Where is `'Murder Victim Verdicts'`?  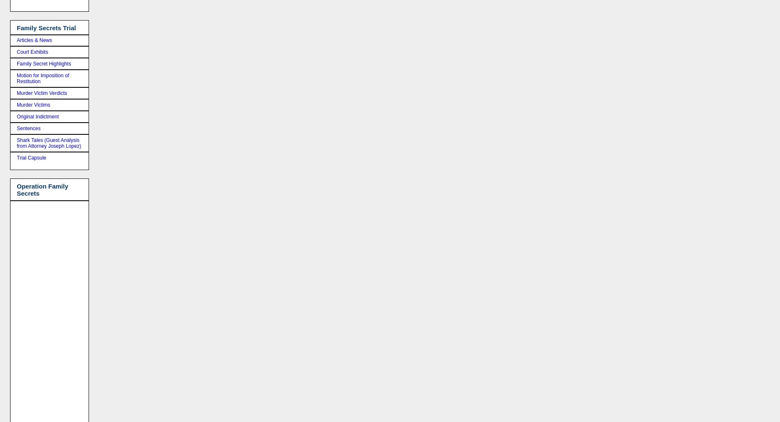
'Murder Victim Verdicts' is located at coordinates (42, 93).